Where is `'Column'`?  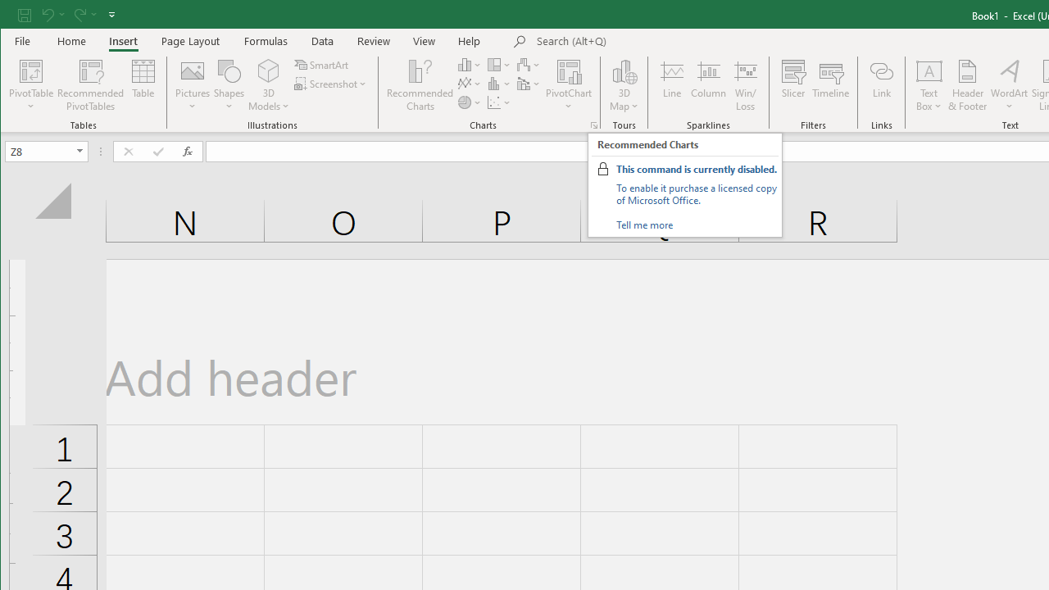
'Column' is located at coordinates (709, 85).